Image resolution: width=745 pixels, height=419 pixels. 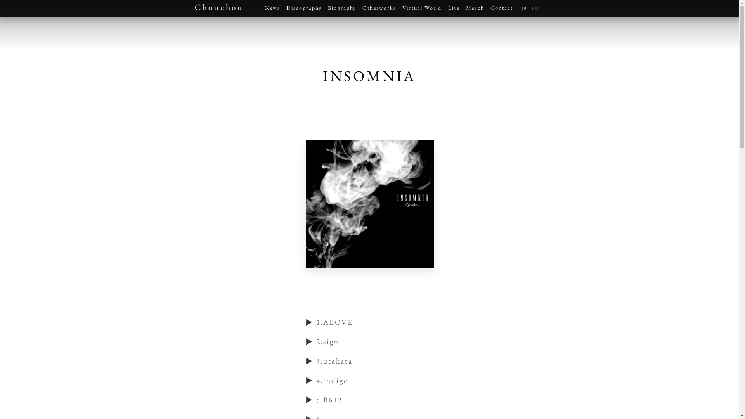 What do you see at coordinates (272, 8) in the screenshot?
I see `'News'` at bounding box center [272, 8].